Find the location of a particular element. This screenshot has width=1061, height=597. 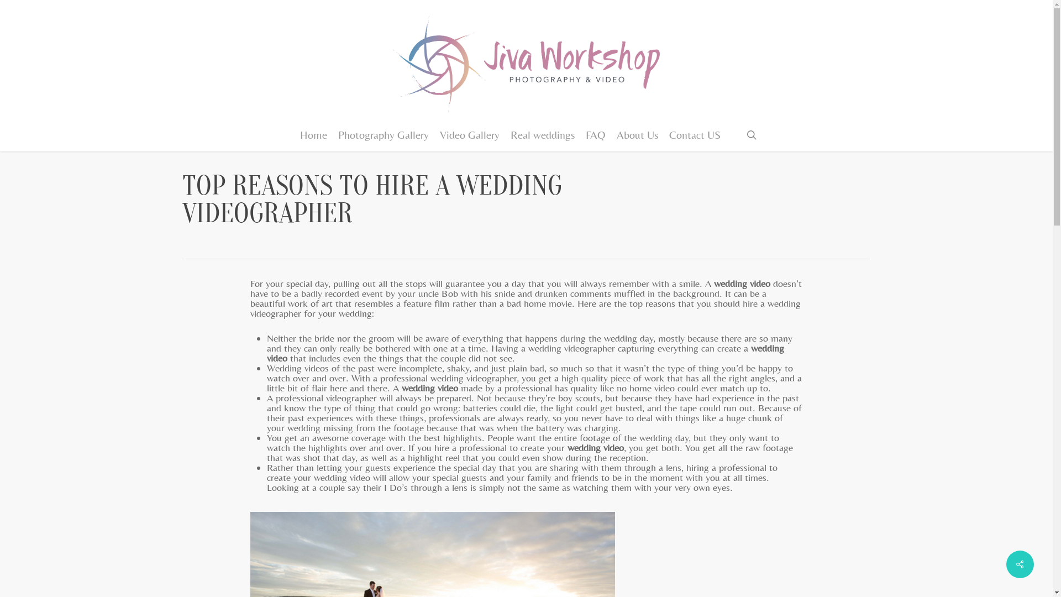

'Contact US' is located at coordinates (694, 134).